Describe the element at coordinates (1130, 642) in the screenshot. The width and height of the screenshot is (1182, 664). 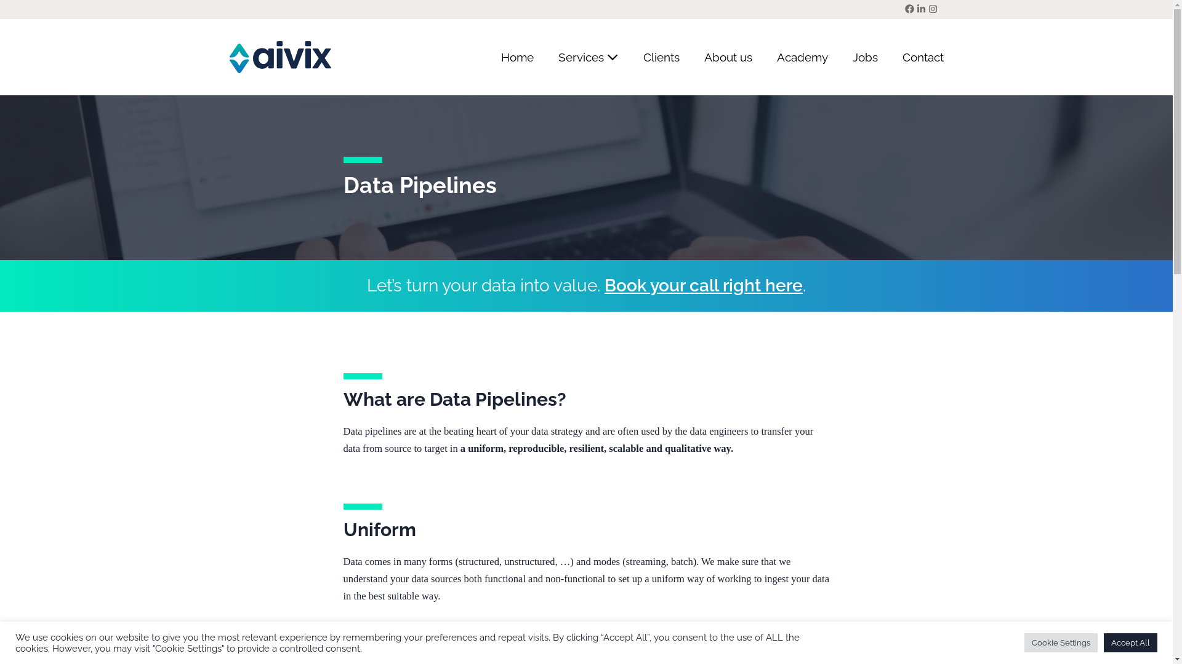
I see `'Accept All'` at that location.